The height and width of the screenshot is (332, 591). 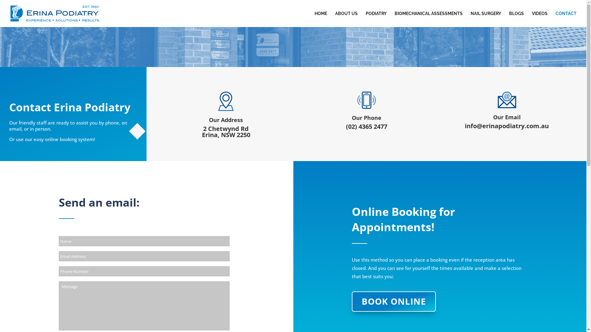 I want to click on 'BIOMECHANICAL ASSESSMENTS', so click(x=428, y=19).